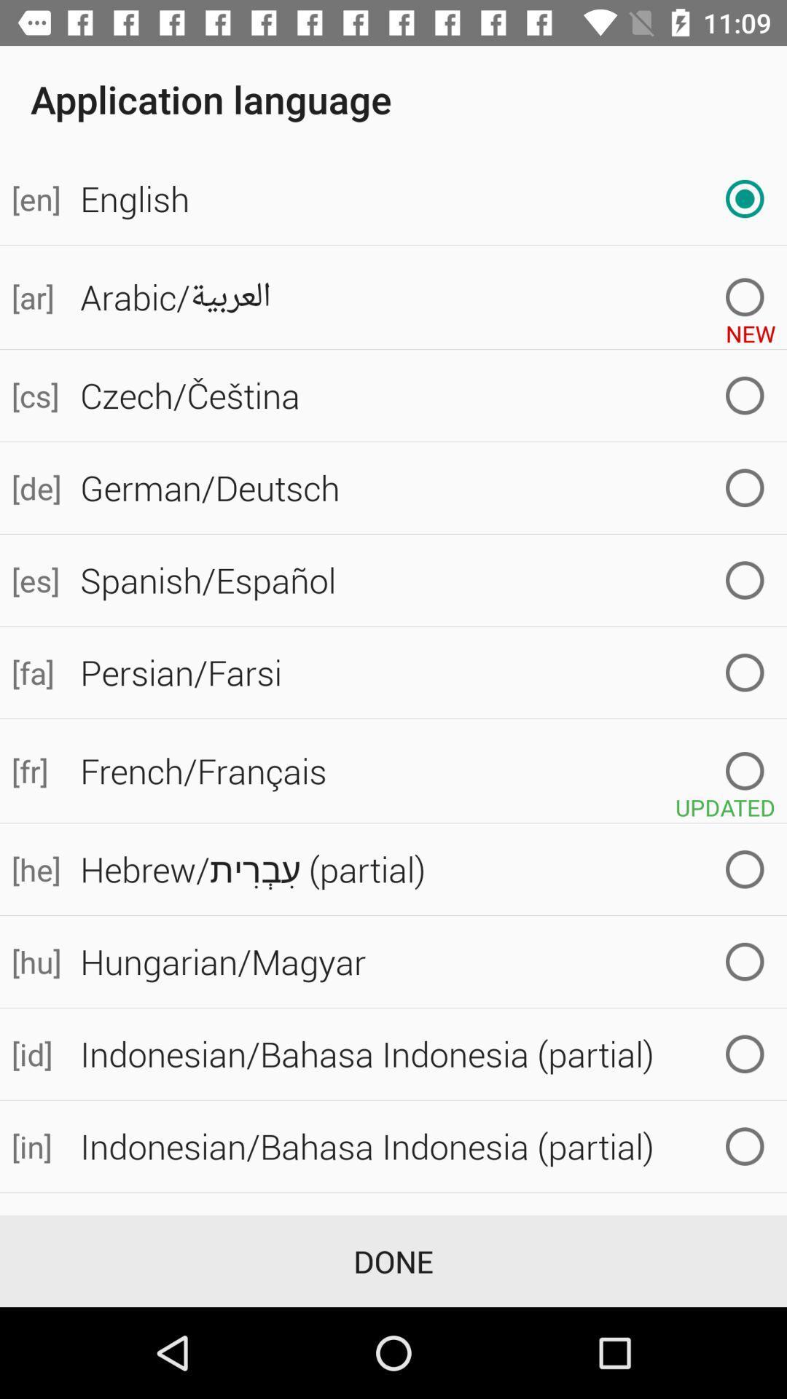 The height and width of the screenshot is (1399, 787). Describe the element at coordinates (427, 770) in the screenshot. I see `item to the right of the [fr]` at that location.